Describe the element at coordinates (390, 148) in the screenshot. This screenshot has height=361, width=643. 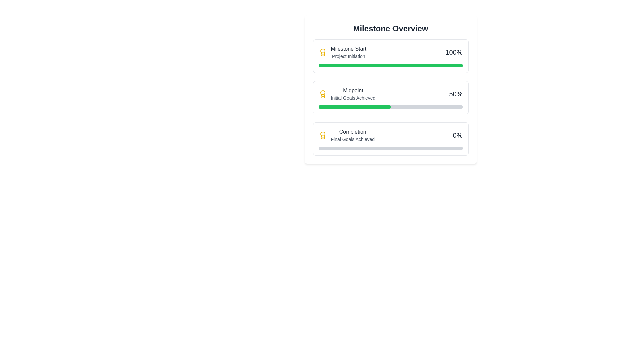
I see `the slim, rounded rectangular progress bar located under the label 'Completion Final Goals Achieved', which currently shows no progress` at that location.